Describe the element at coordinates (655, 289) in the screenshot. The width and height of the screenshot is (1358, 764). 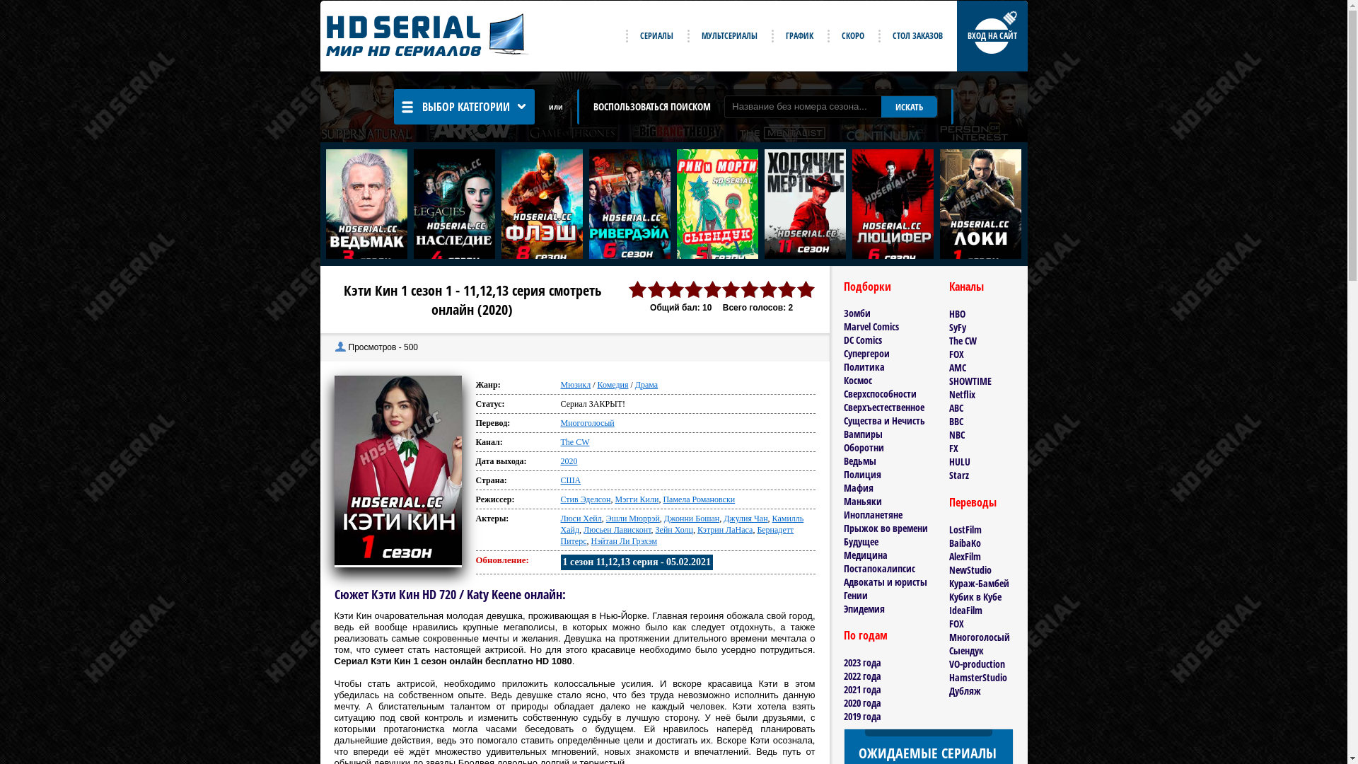
I see `'2'` at that location.